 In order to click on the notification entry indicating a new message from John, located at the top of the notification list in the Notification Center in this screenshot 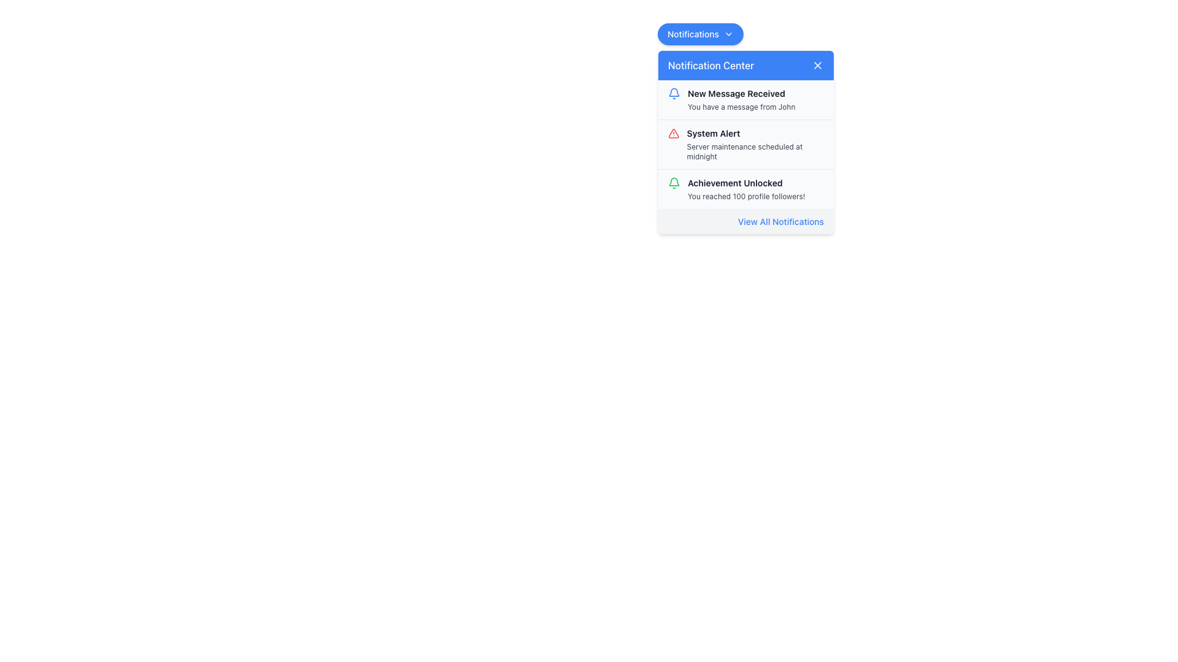, I will do `click(745, 99)`.